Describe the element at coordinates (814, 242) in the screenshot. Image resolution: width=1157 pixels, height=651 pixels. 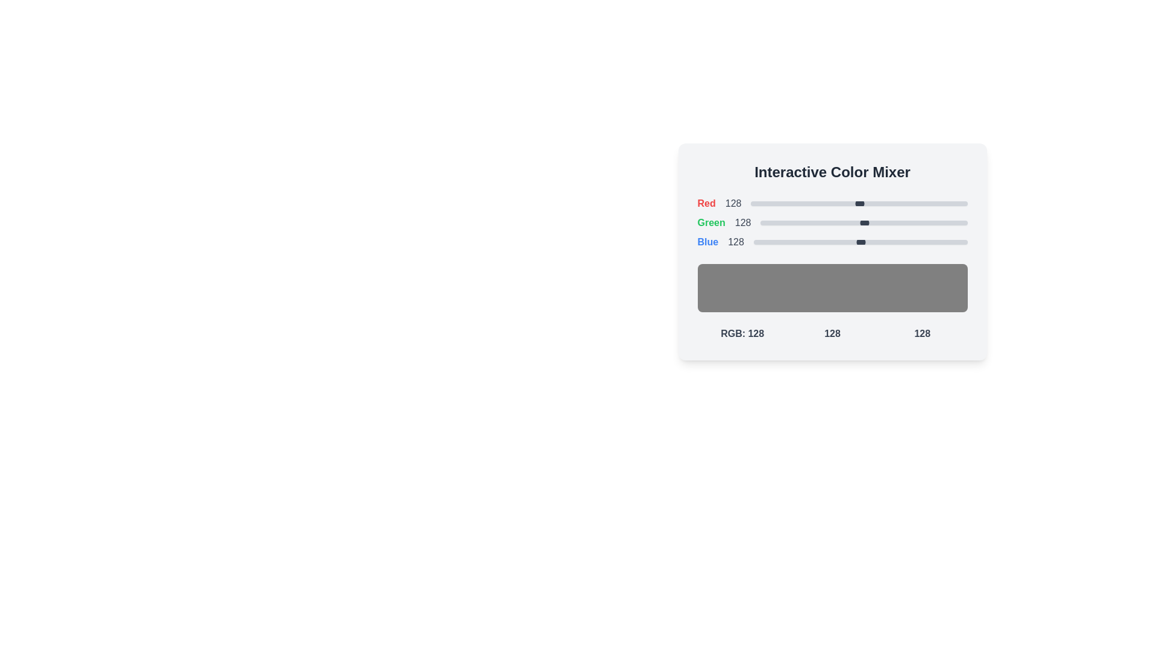
I see `the Blue component` at that location.